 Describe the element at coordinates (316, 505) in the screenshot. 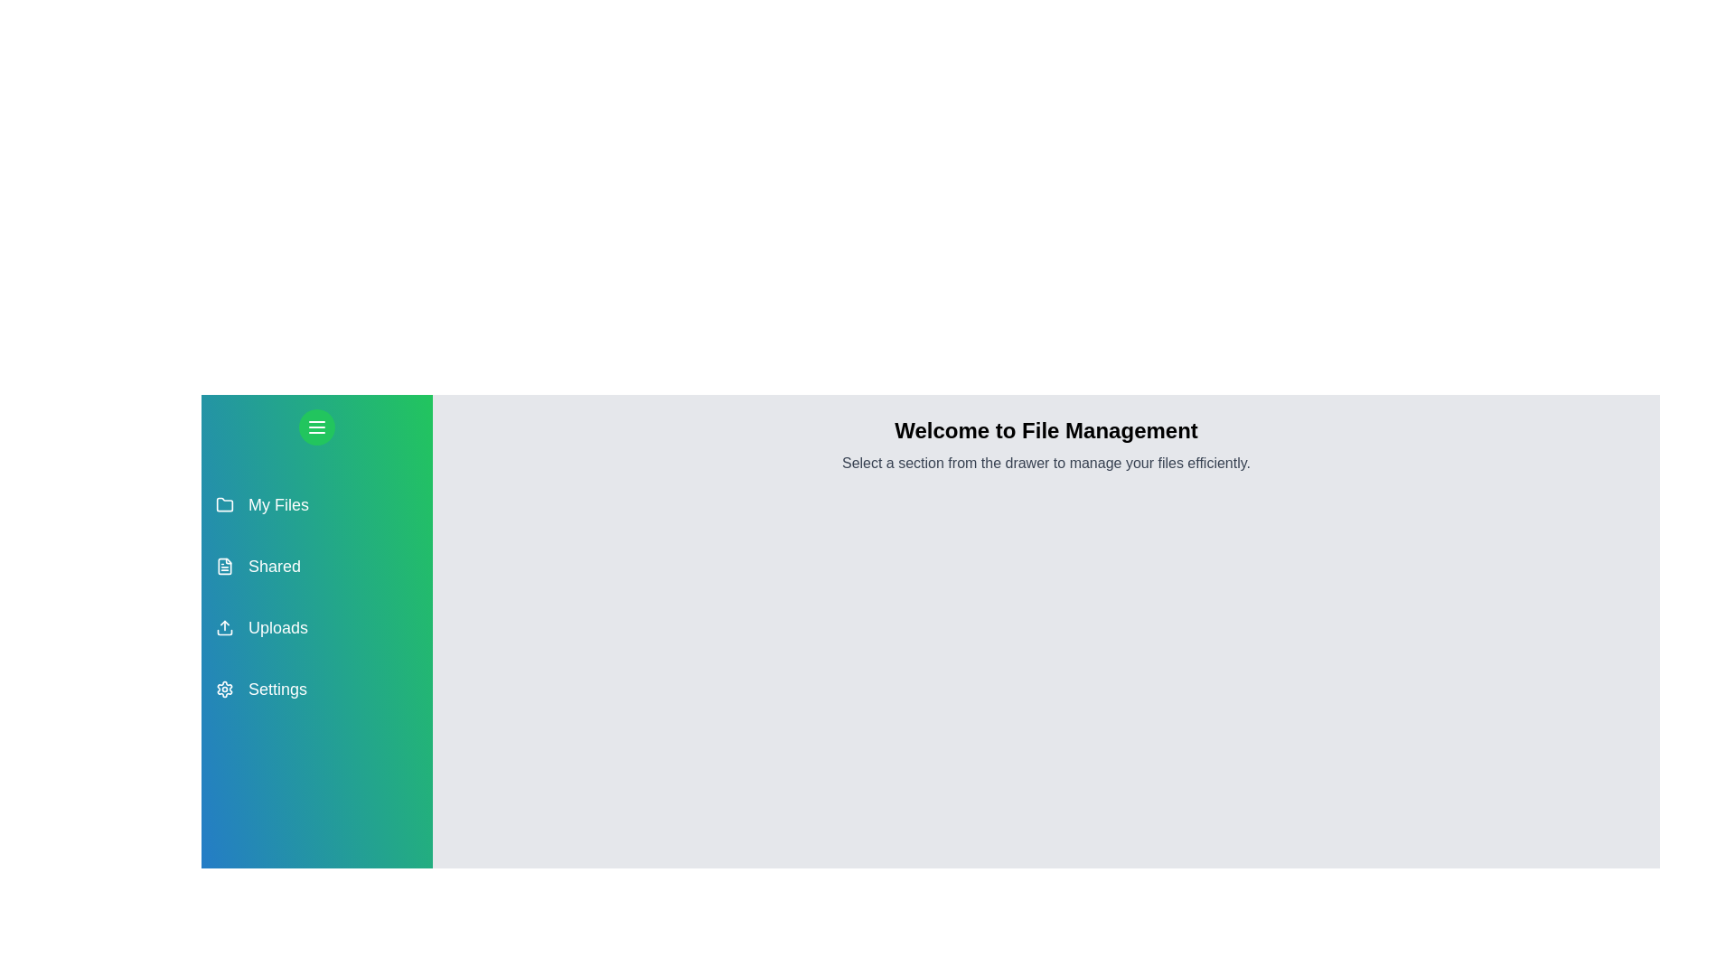

I see `the section My Files from the drawer` at that location.